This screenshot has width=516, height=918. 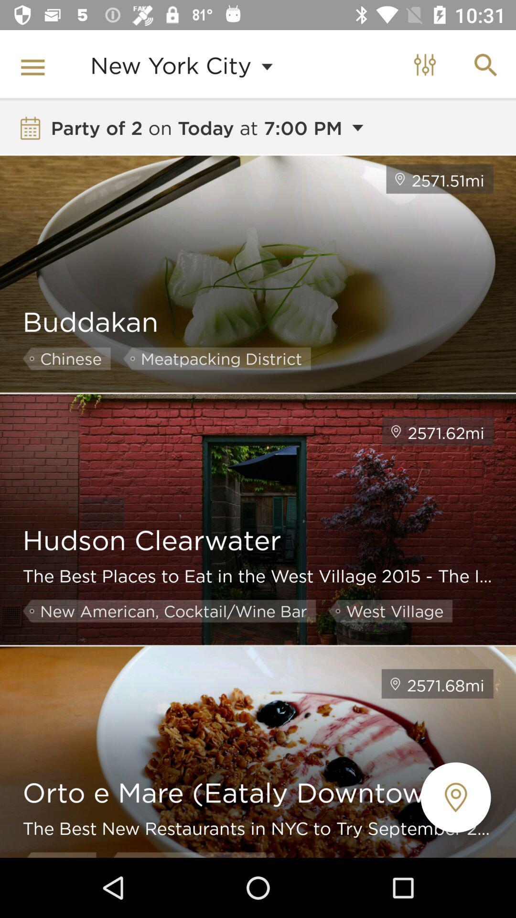 What do you see at coordinates (486, 65) in the screenshot?
I see `the search icon` at bounding box center [486, 65].